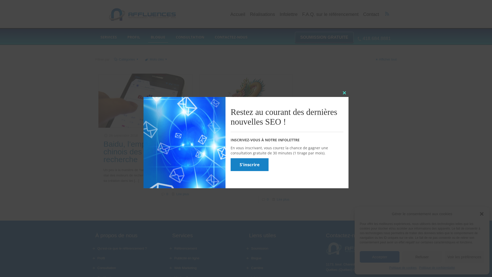 The height and width of the screenshot is (277, 492). Describe the element at coordinates (158, 37) in the screenshot. I see `'BLOGUE'` at that location.